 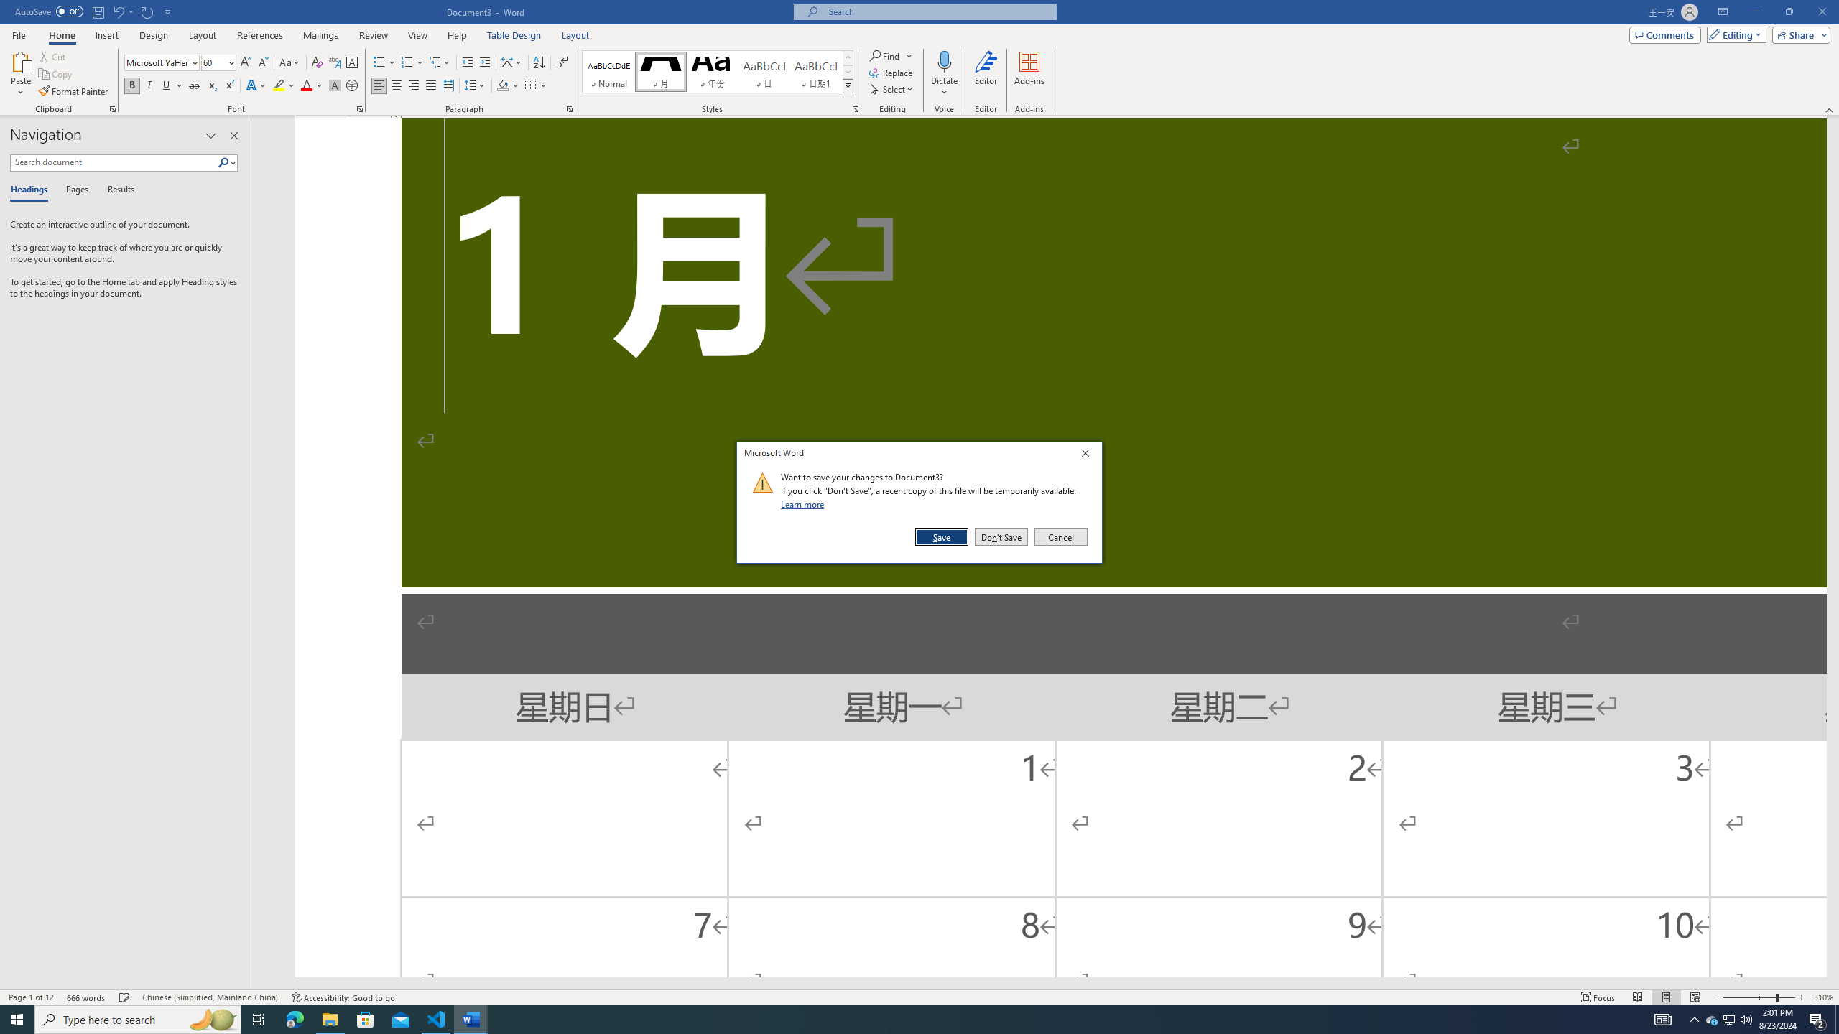 I want to click on 'Word - 2 running windows', so click(x=471, y=1018).